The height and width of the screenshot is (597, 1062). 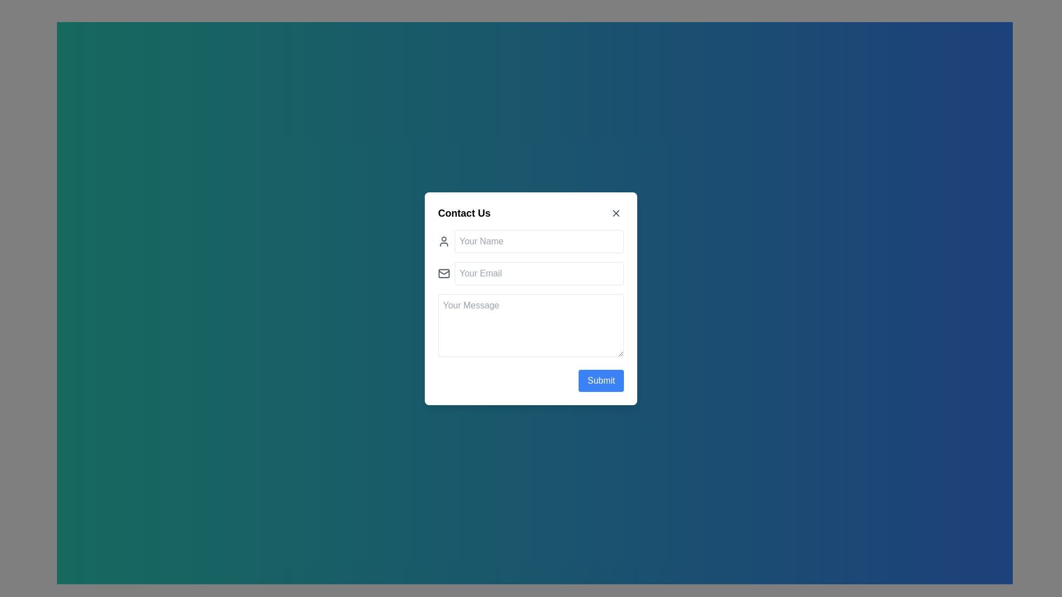 What do you see at coordinates (615, 213) in the screenshot?
I see `the 'X' mark icon in the top-right corner of the contact form modal` at bounding box center [615, 213].